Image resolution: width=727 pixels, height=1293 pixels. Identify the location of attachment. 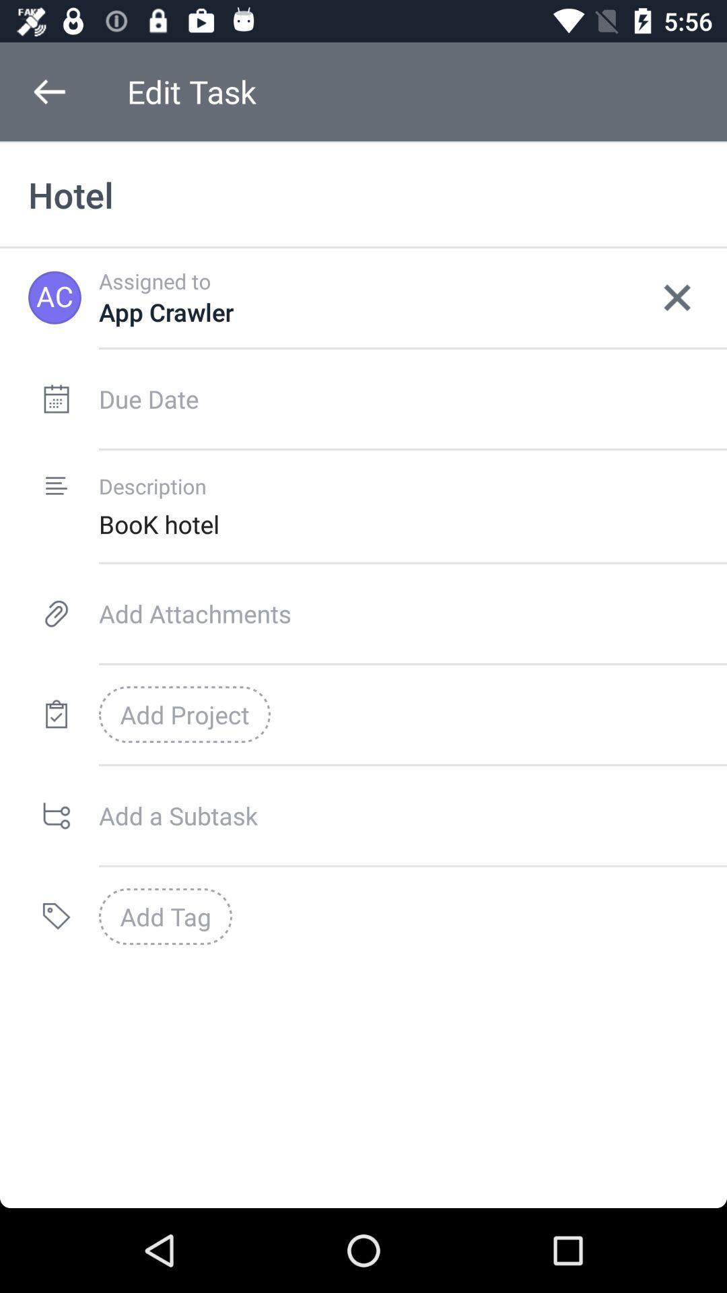
(412, 613).